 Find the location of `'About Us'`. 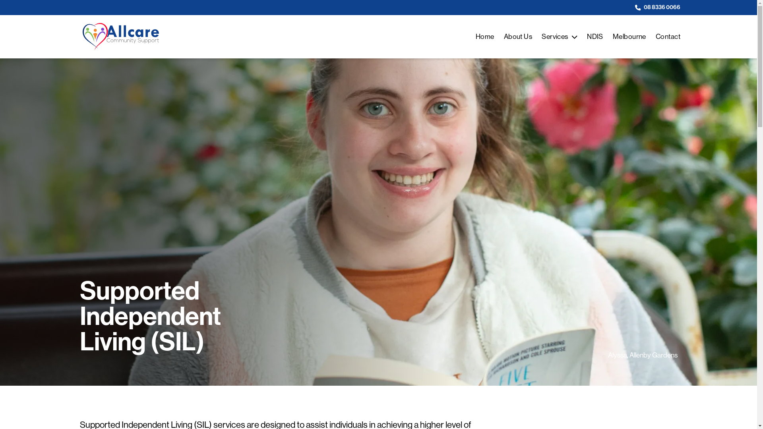

'About Us' is located at coordinates (518, 37).